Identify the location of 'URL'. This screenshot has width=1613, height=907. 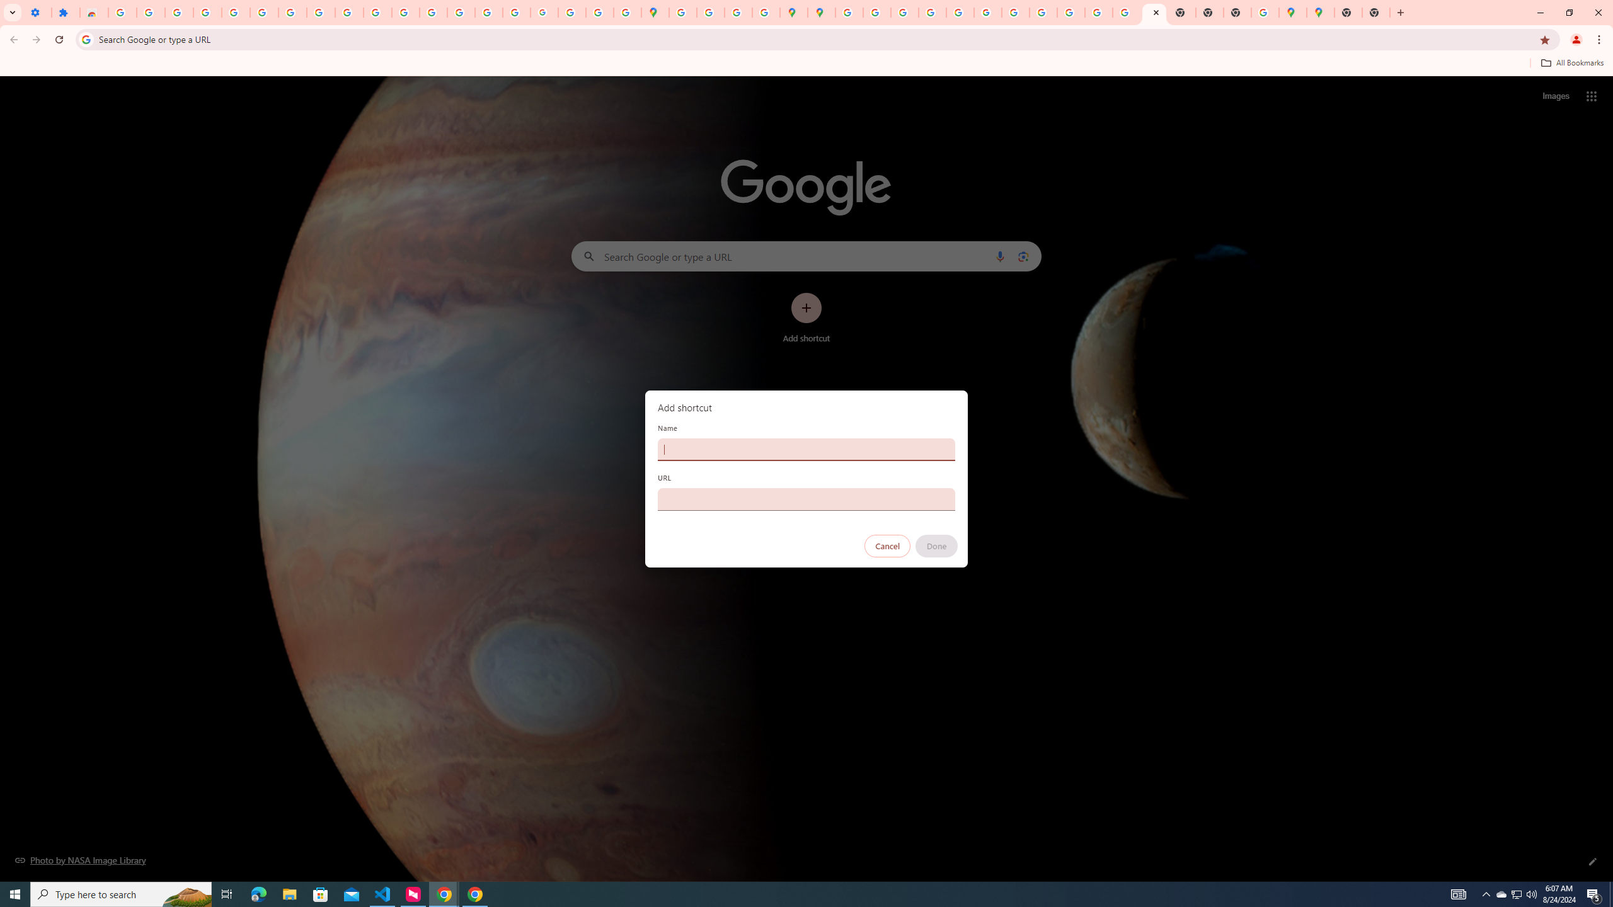
(806, 499).